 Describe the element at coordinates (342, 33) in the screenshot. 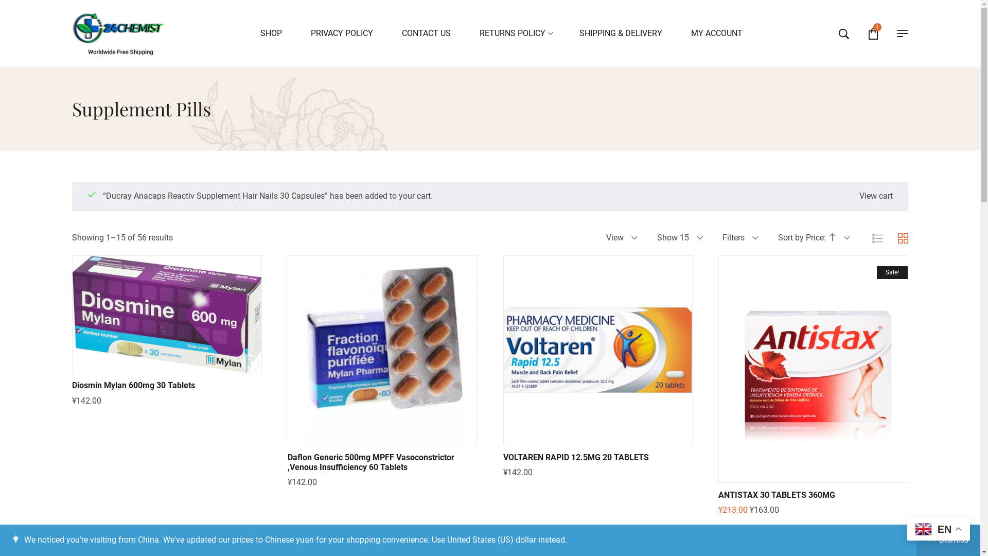

I see `'PRIVACY POLICY'` at that location.